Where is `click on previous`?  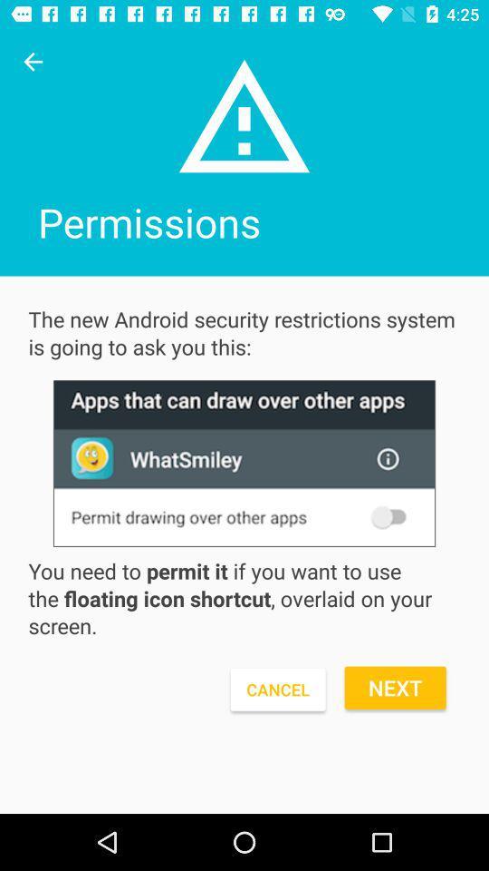
click on previous is located at coordinates (33, 62).